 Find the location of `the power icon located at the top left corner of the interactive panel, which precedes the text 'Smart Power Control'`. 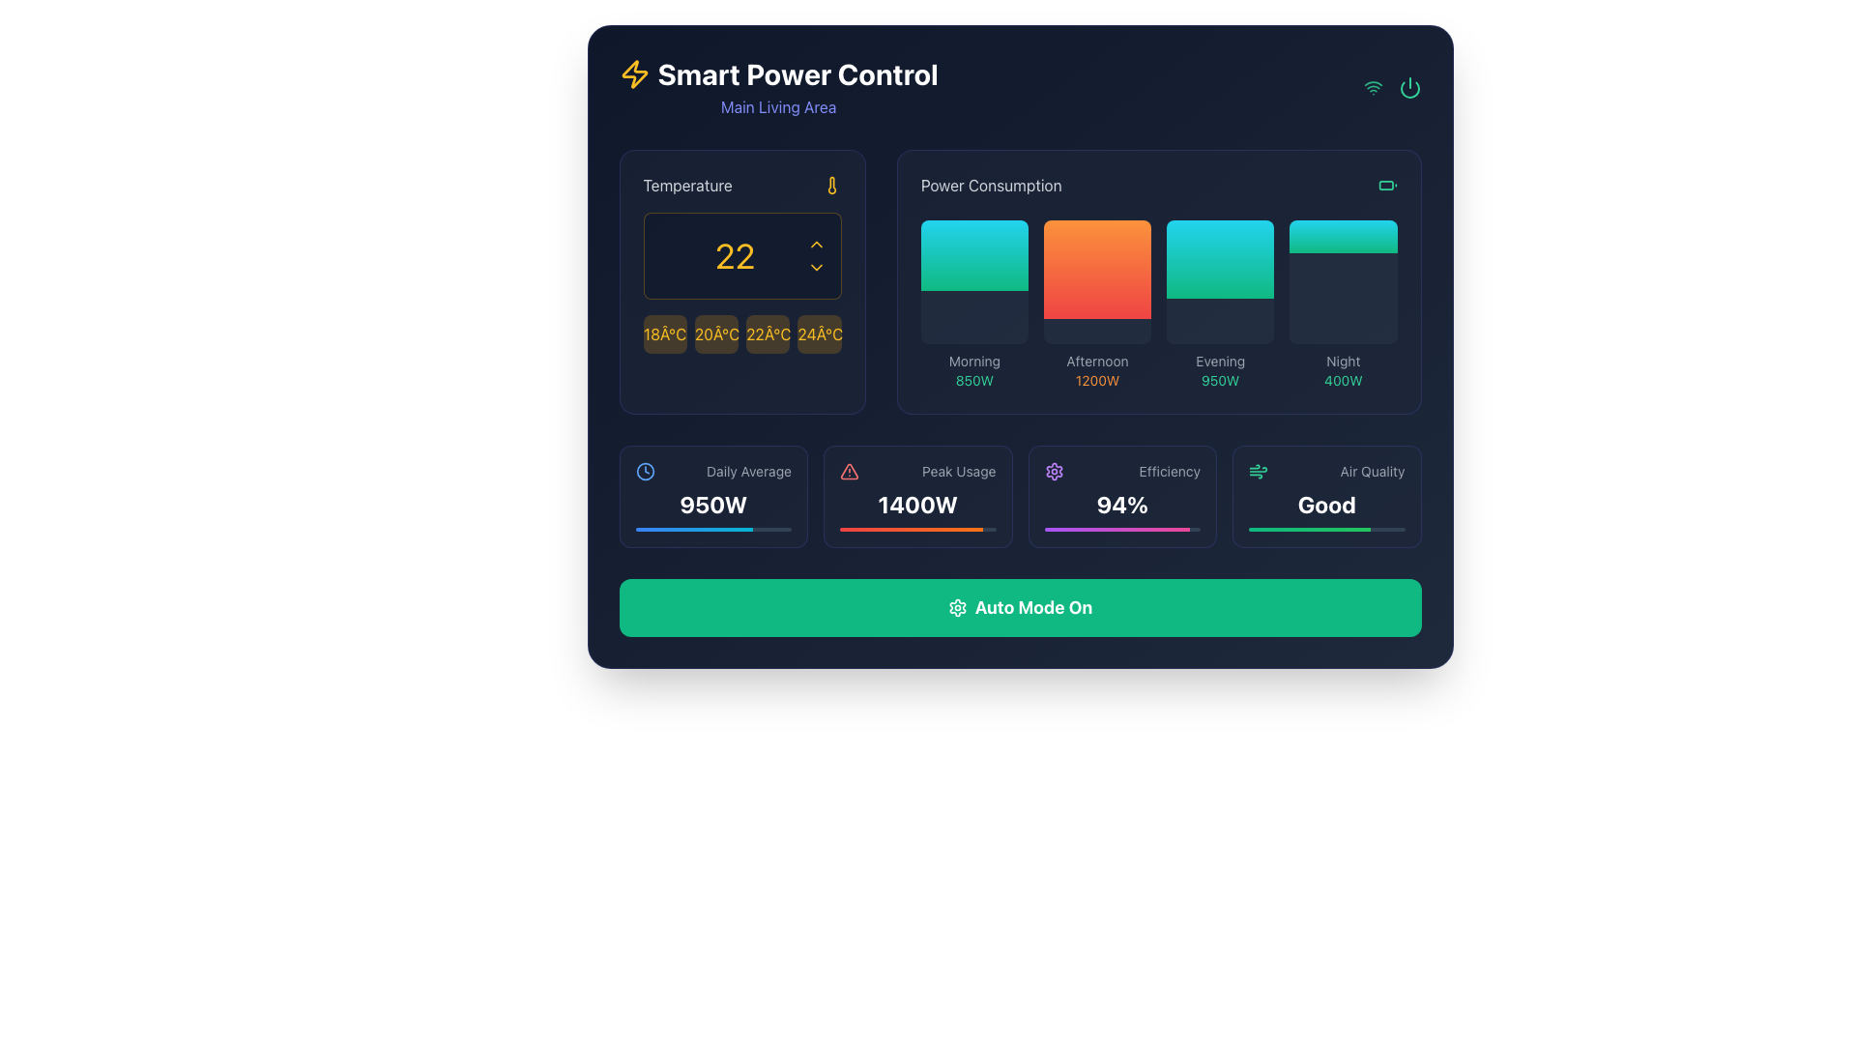

the power icon located at the top left corner of the interactive panel, which precedes the text 'Smart Power Control' is located at coordinates (634, 73).